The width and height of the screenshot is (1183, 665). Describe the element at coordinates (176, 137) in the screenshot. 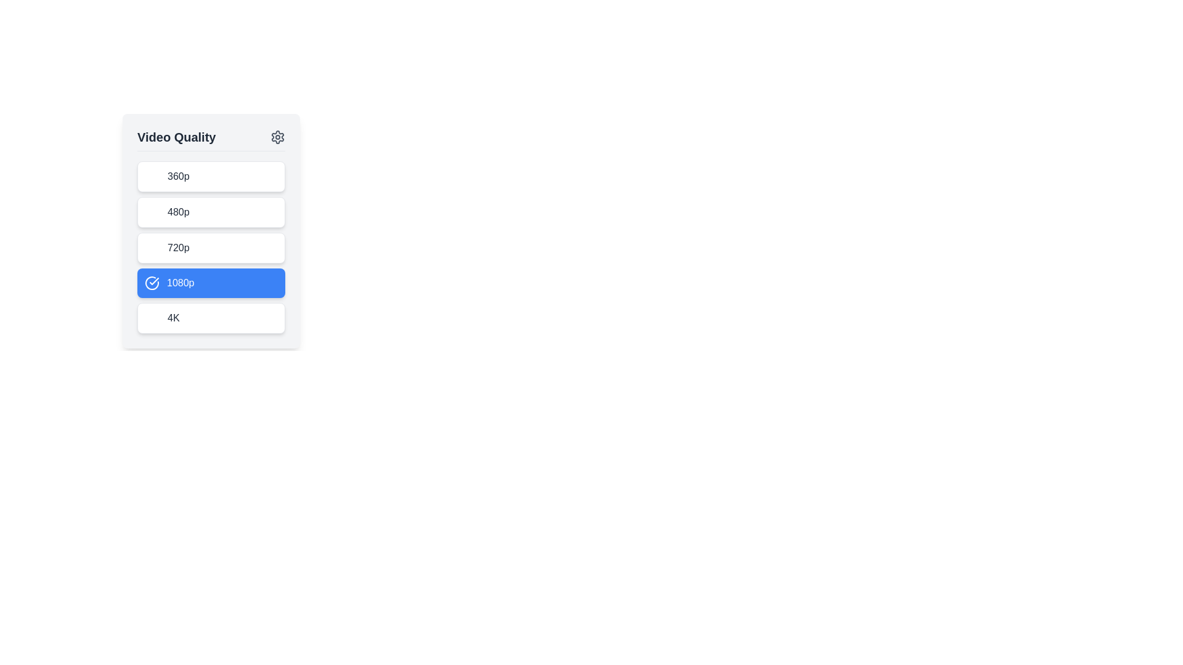

I see `the Label indicating the purpose of the video quality settings options, positioned at the top of the bordered section` at that location.